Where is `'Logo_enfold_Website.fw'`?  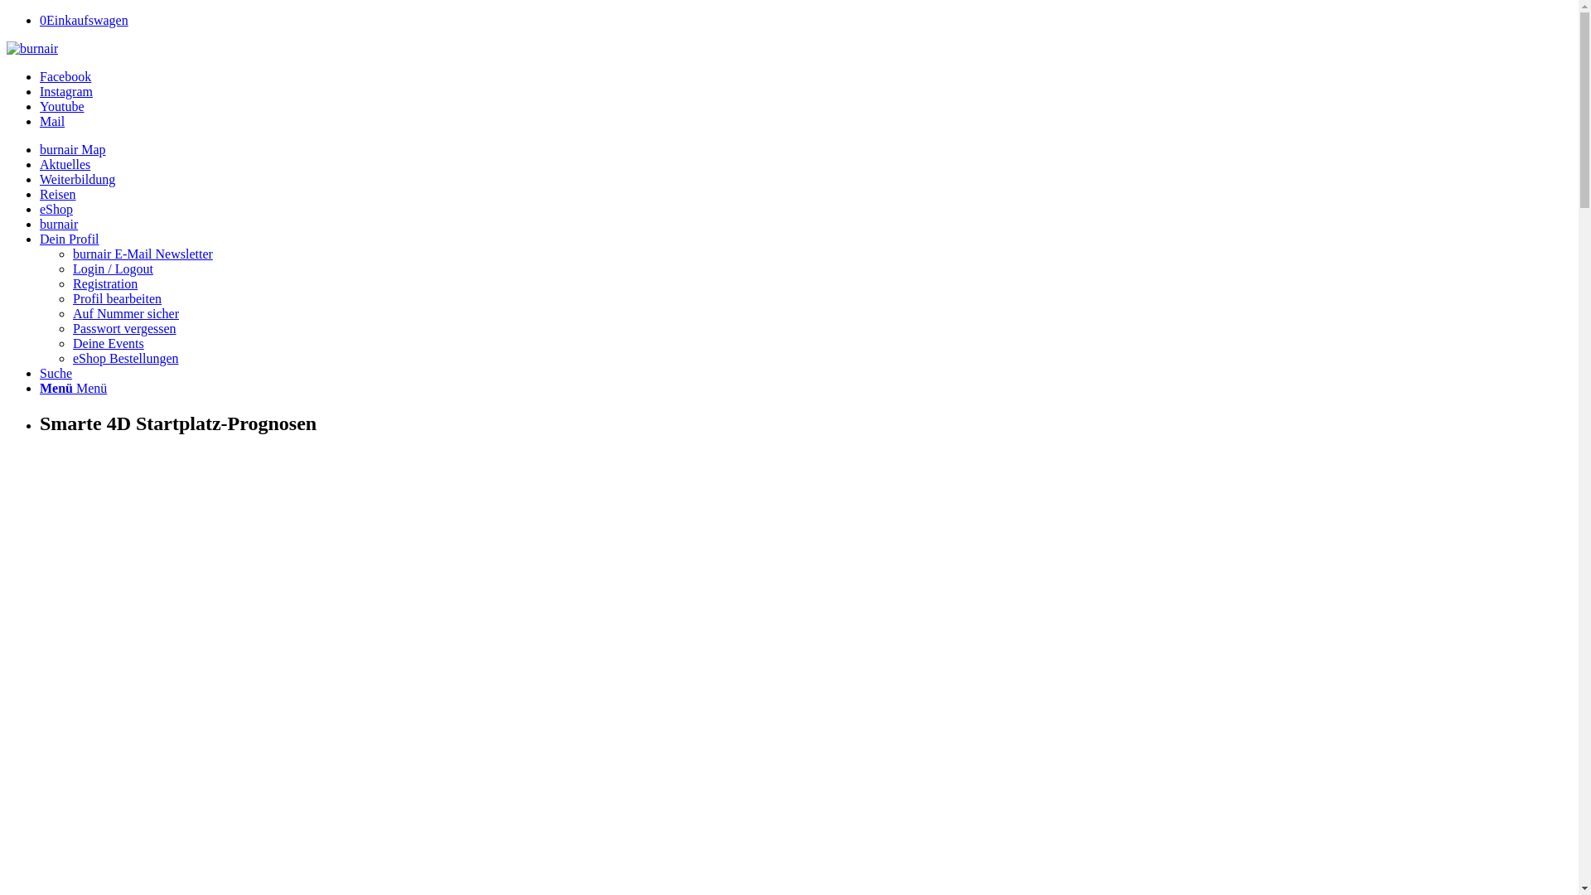
'Logo_enfold_Website.fw' is located at coordinates (7, 47).